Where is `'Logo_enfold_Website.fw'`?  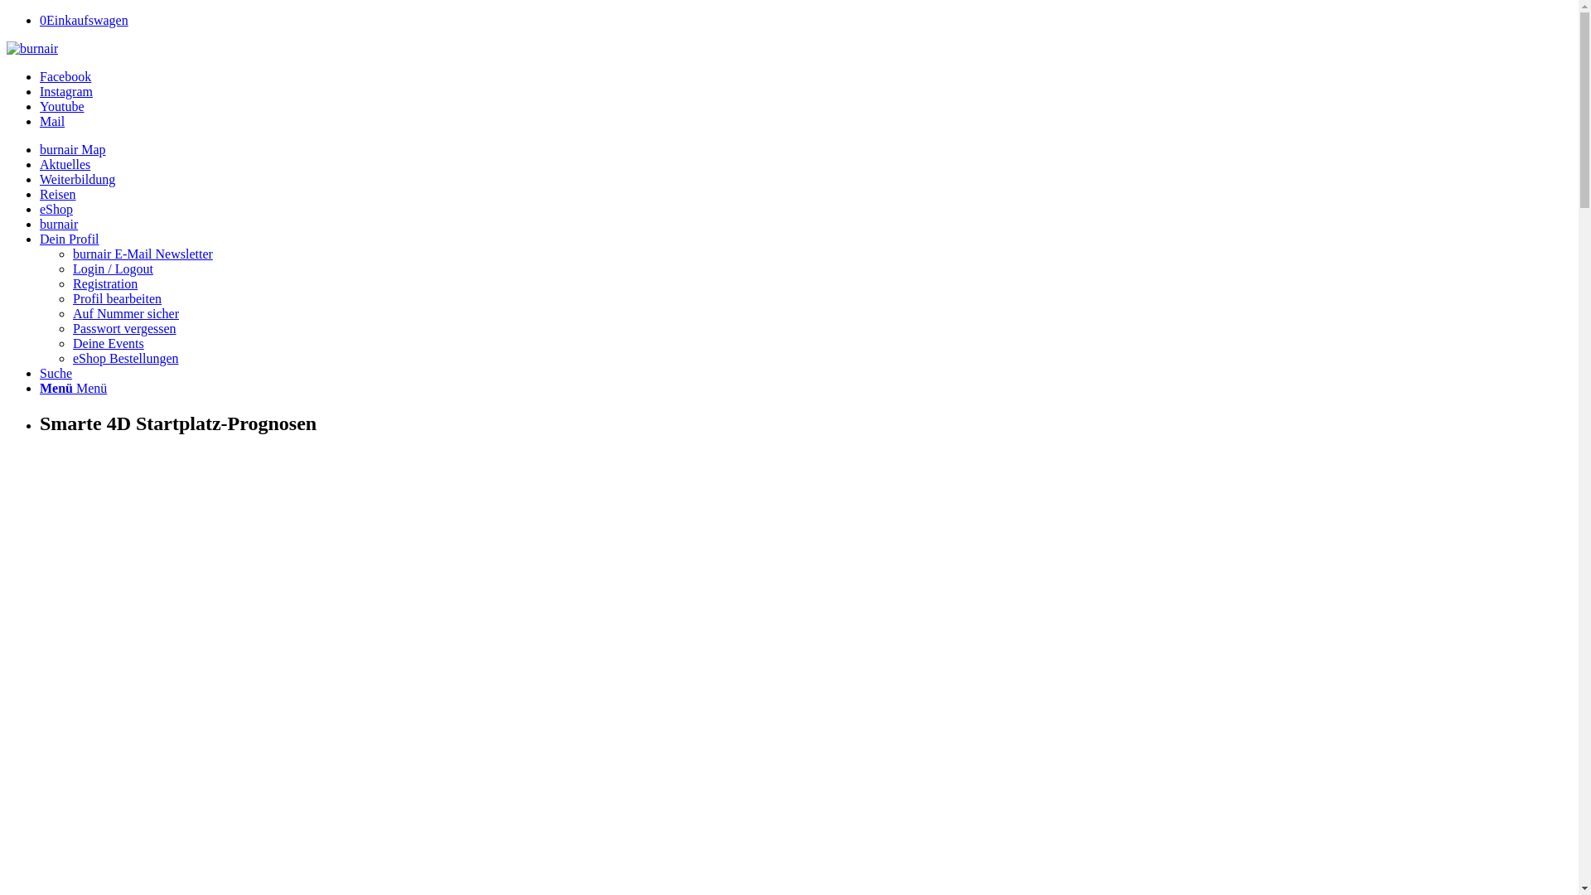
'Logo_enfold_Website.fw' is located at coordinates (7, 47).